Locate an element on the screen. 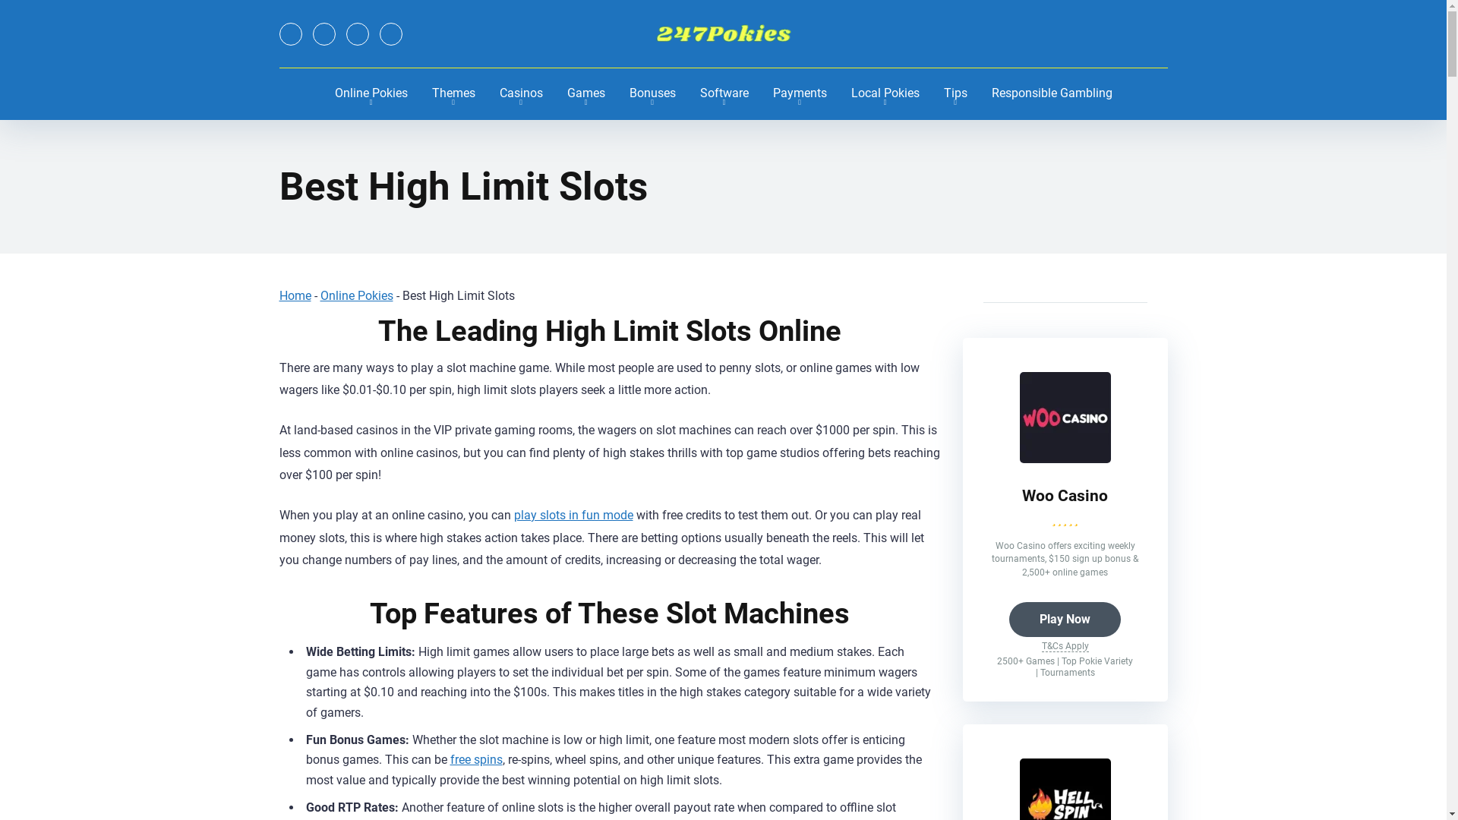 This screenshot has height=820, width=1458. 'Games' is located at coordinates (585, 93).